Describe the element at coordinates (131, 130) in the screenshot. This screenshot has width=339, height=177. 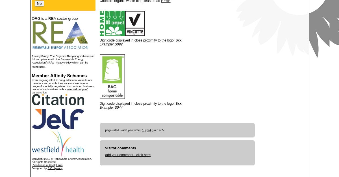
I see `'- add your vote :'` at that location.